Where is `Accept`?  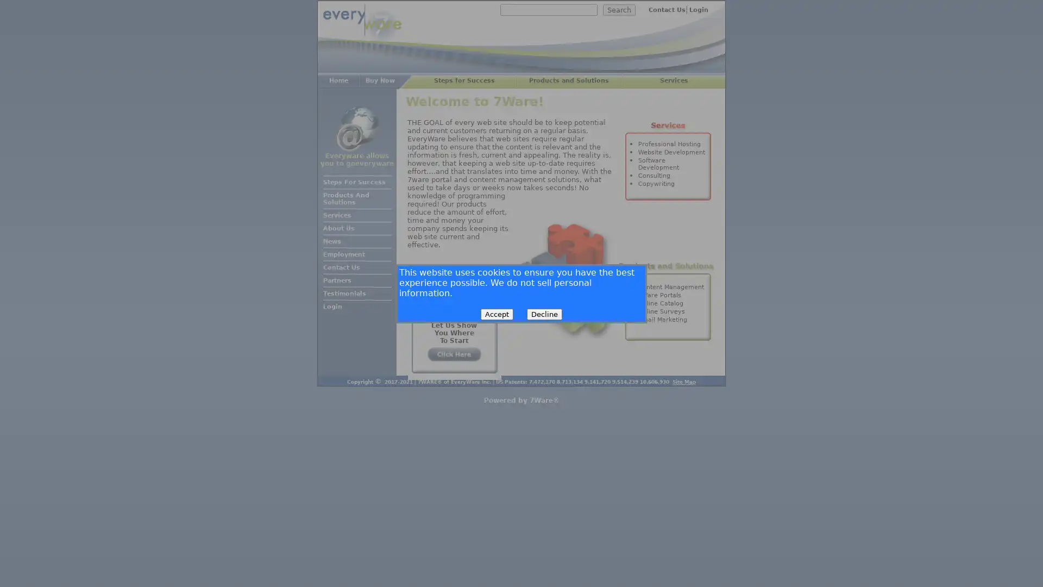 Accept is located at coordinates (497, 314).